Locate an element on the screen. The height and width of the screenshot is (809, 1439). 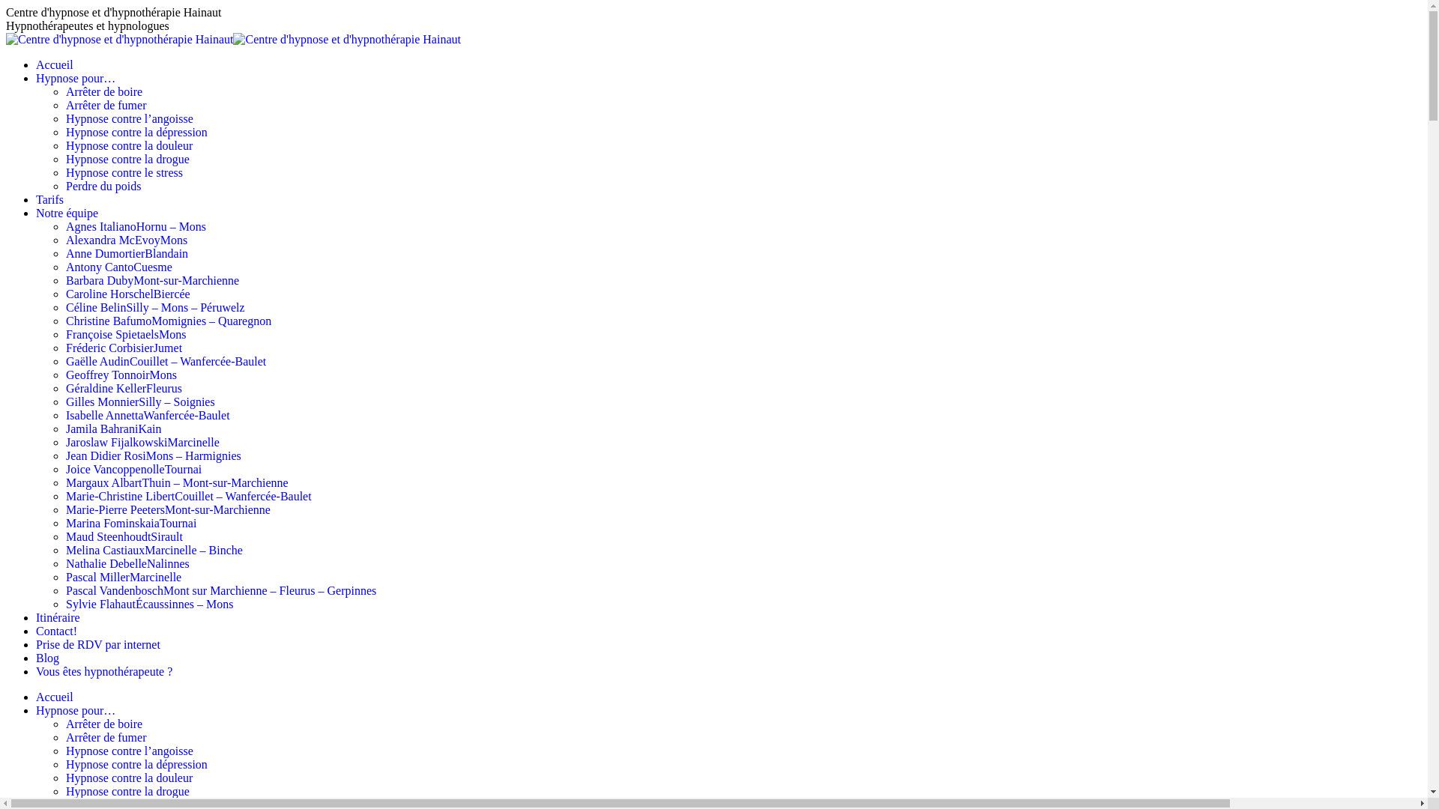
'Barbara DubyMont-sur-Marchienne' is located at coordinates (152, 280).